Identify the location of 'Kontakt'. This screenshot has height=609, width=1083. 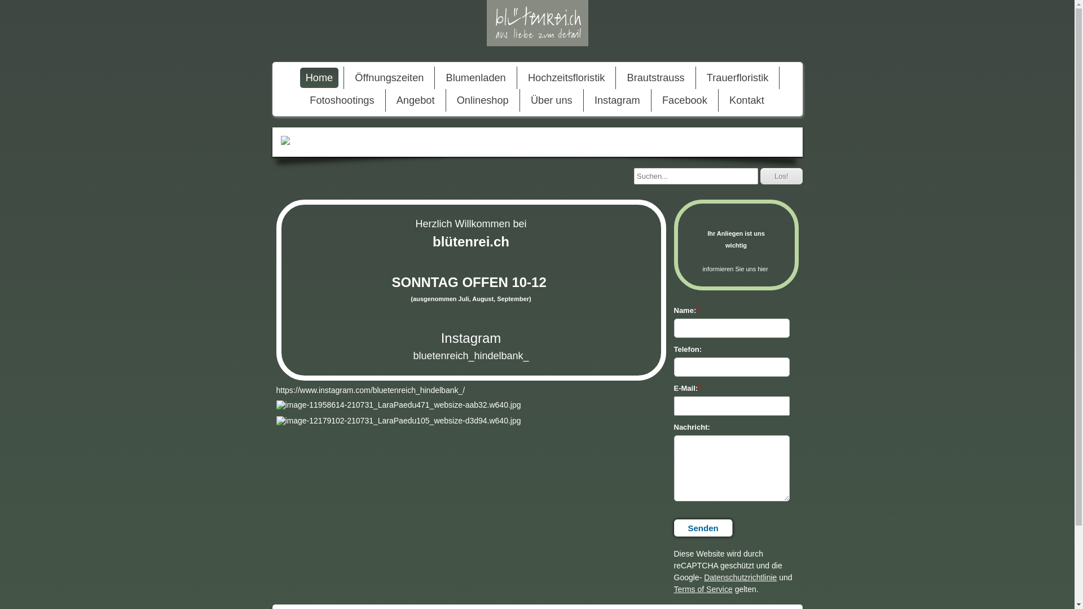
(747, 99).